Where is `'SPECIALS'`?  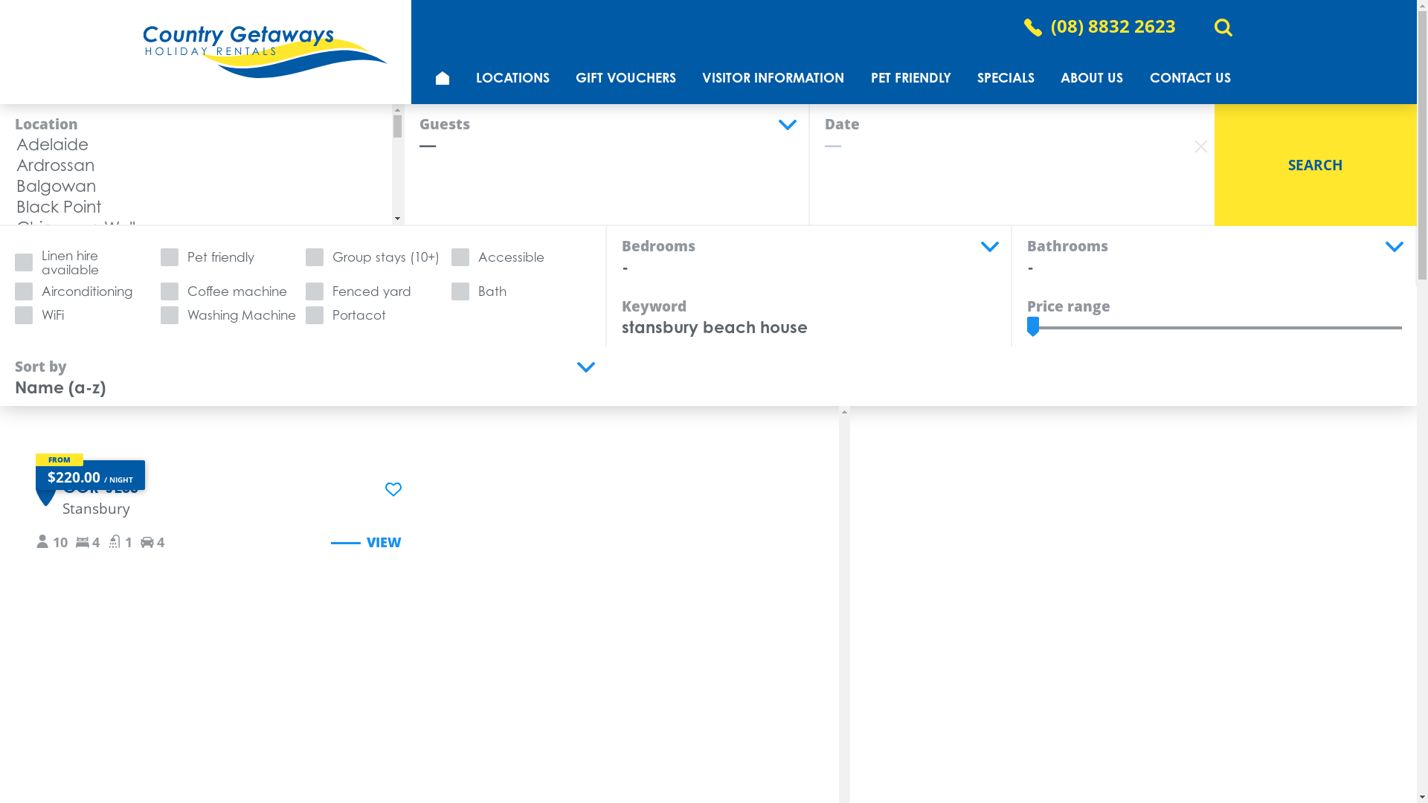 'SPECIALS' is located at coordinates (1006, 77).